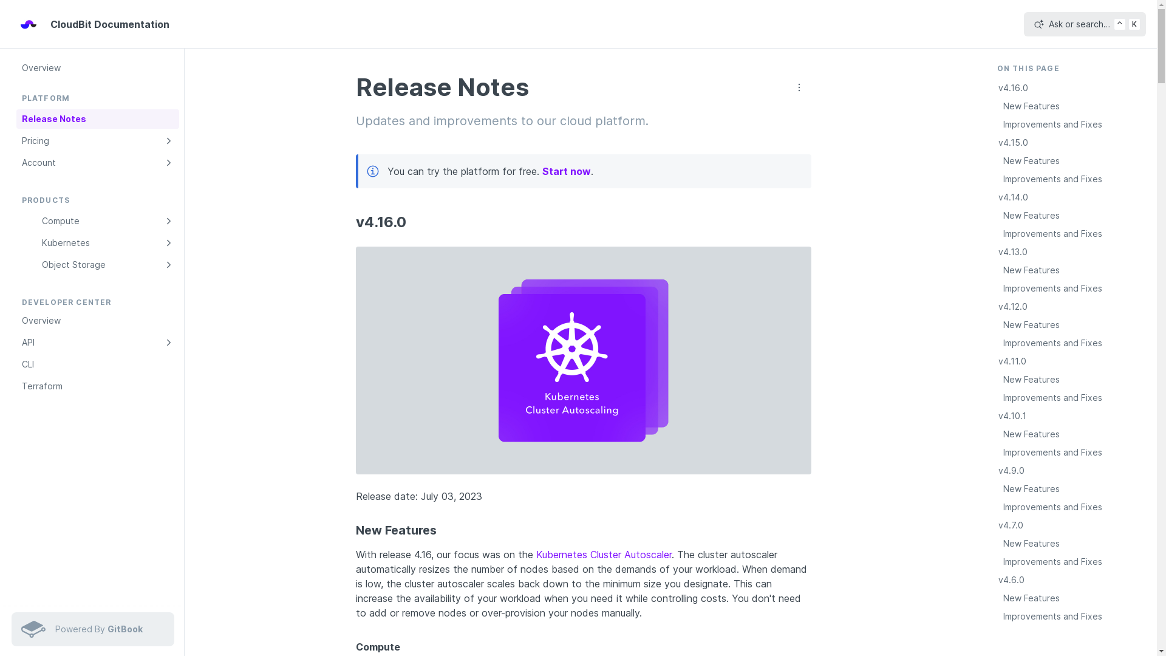 The image size is (1166, 656). Describe the element at coordinates (94, 24) in the screenshot. I see `'CloudBit Documentation'` at that location.